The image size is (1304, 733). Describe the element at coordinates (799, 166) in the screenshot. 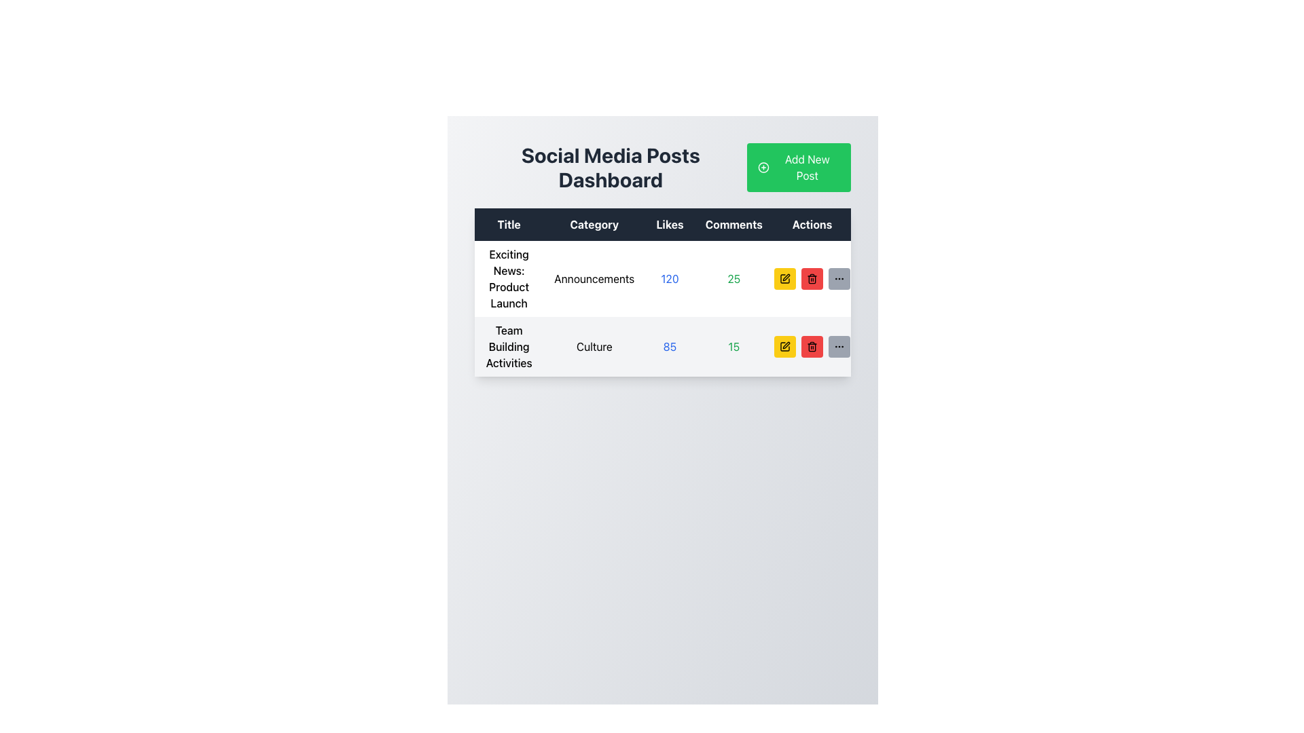

I see `the button located on the right side of the 'Social Media Posts Dashboard'` at that location.